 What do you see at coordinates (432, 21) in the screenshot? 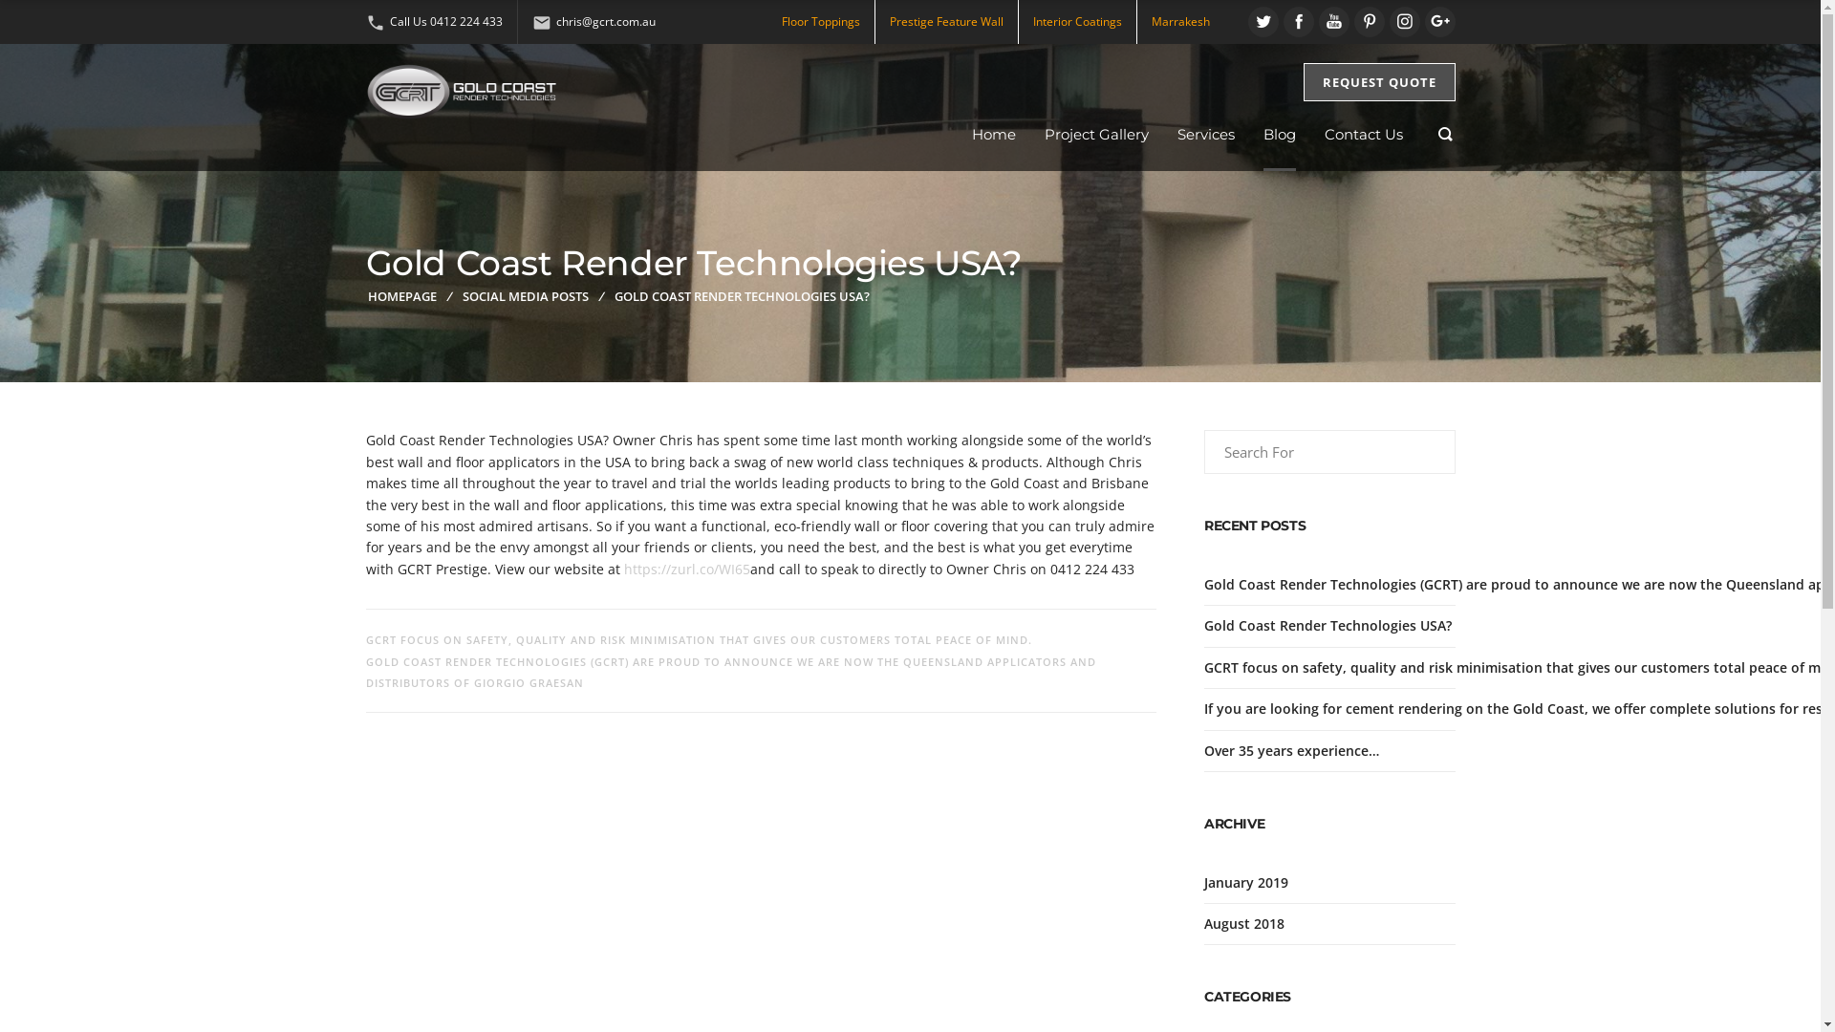
I see `'phoneCall Us 0412 224 433'` at bounding box center [432, 21].